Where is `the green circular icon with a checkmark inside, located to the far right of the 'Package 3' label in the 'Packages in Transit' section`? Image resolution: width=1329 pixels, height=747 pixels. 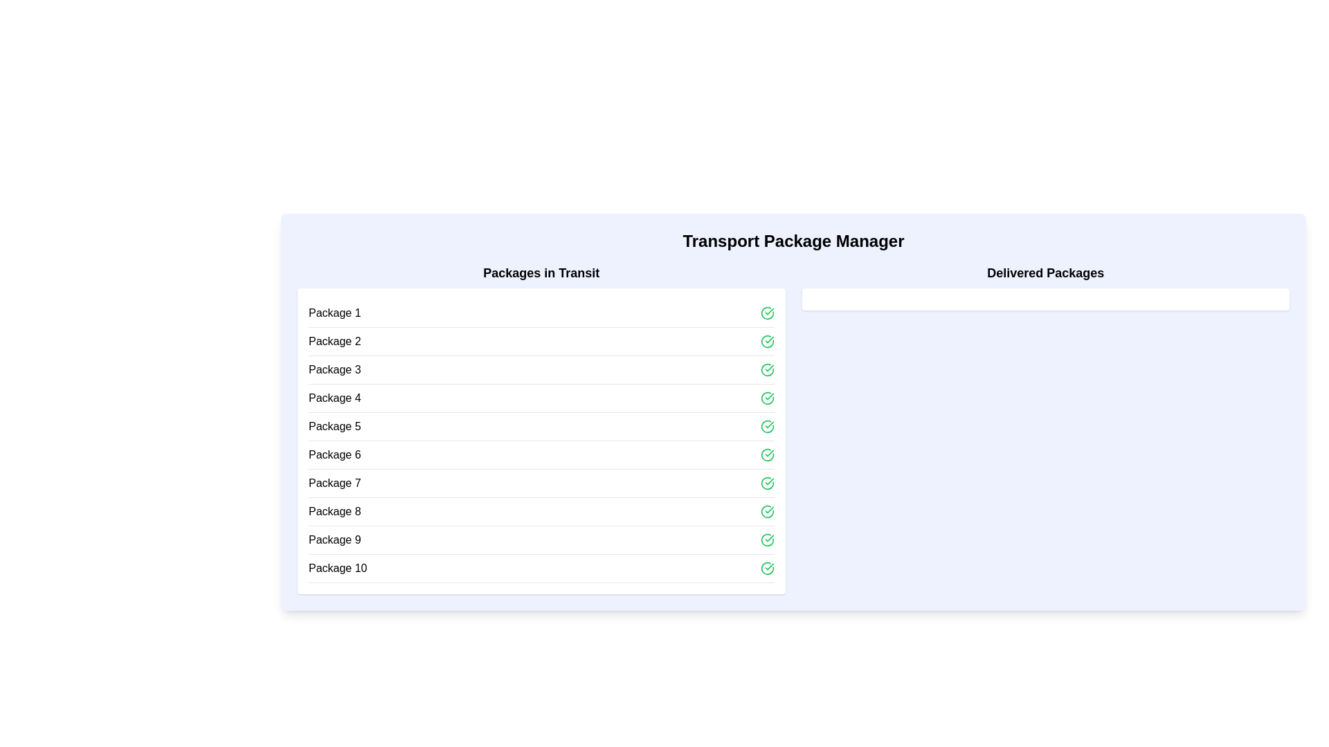
the green circular icon with a checkmark inside, located to the far right of the 'Package 3' label in the 'Packages in Transit' section is located at coordinates (766, 369).